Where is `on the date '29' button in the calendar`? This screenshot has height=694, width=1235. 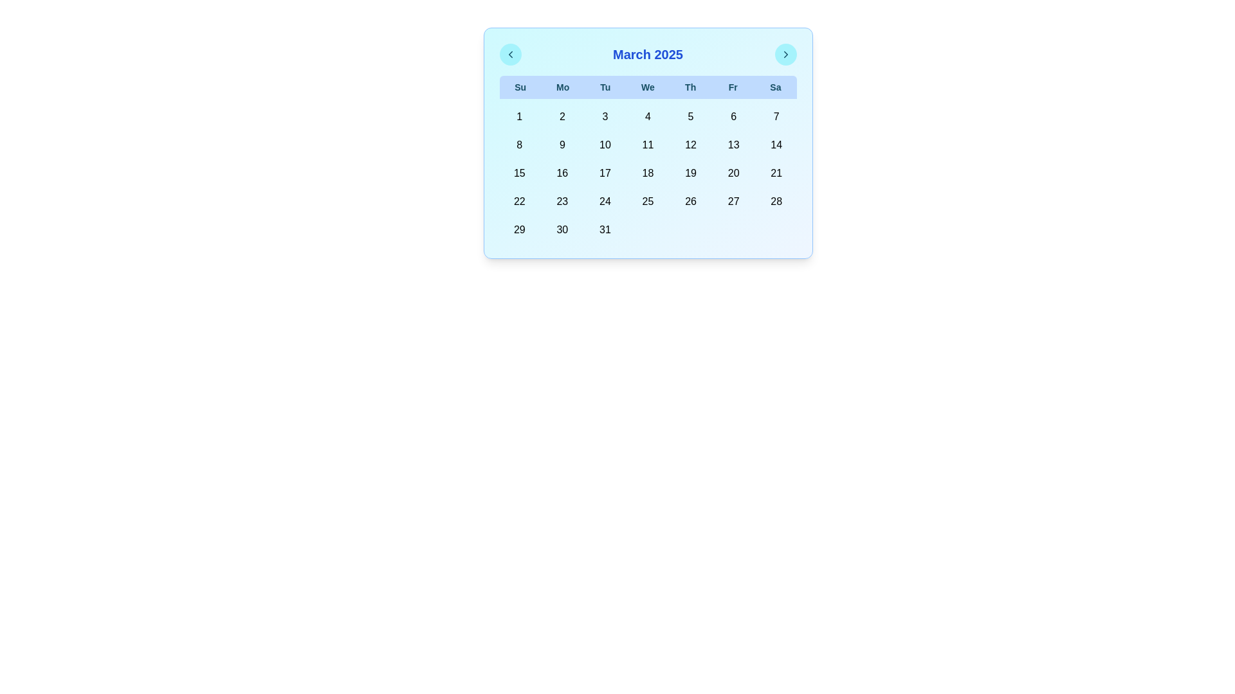 on the date '29' button in the calendar is located at coordinates (519, 229).